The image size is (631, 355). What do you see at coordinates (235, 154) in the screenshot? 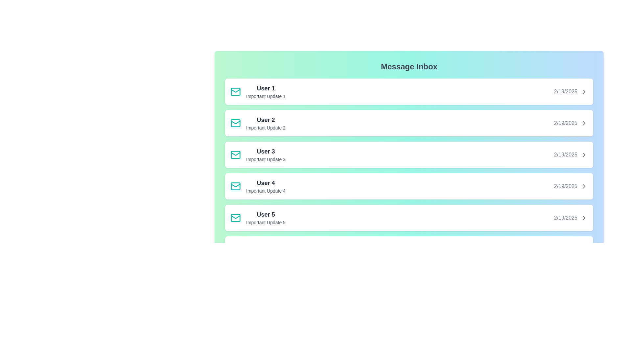
I see `icon next to the message from User 3 to perform an action` at bounding box center [235, 154].